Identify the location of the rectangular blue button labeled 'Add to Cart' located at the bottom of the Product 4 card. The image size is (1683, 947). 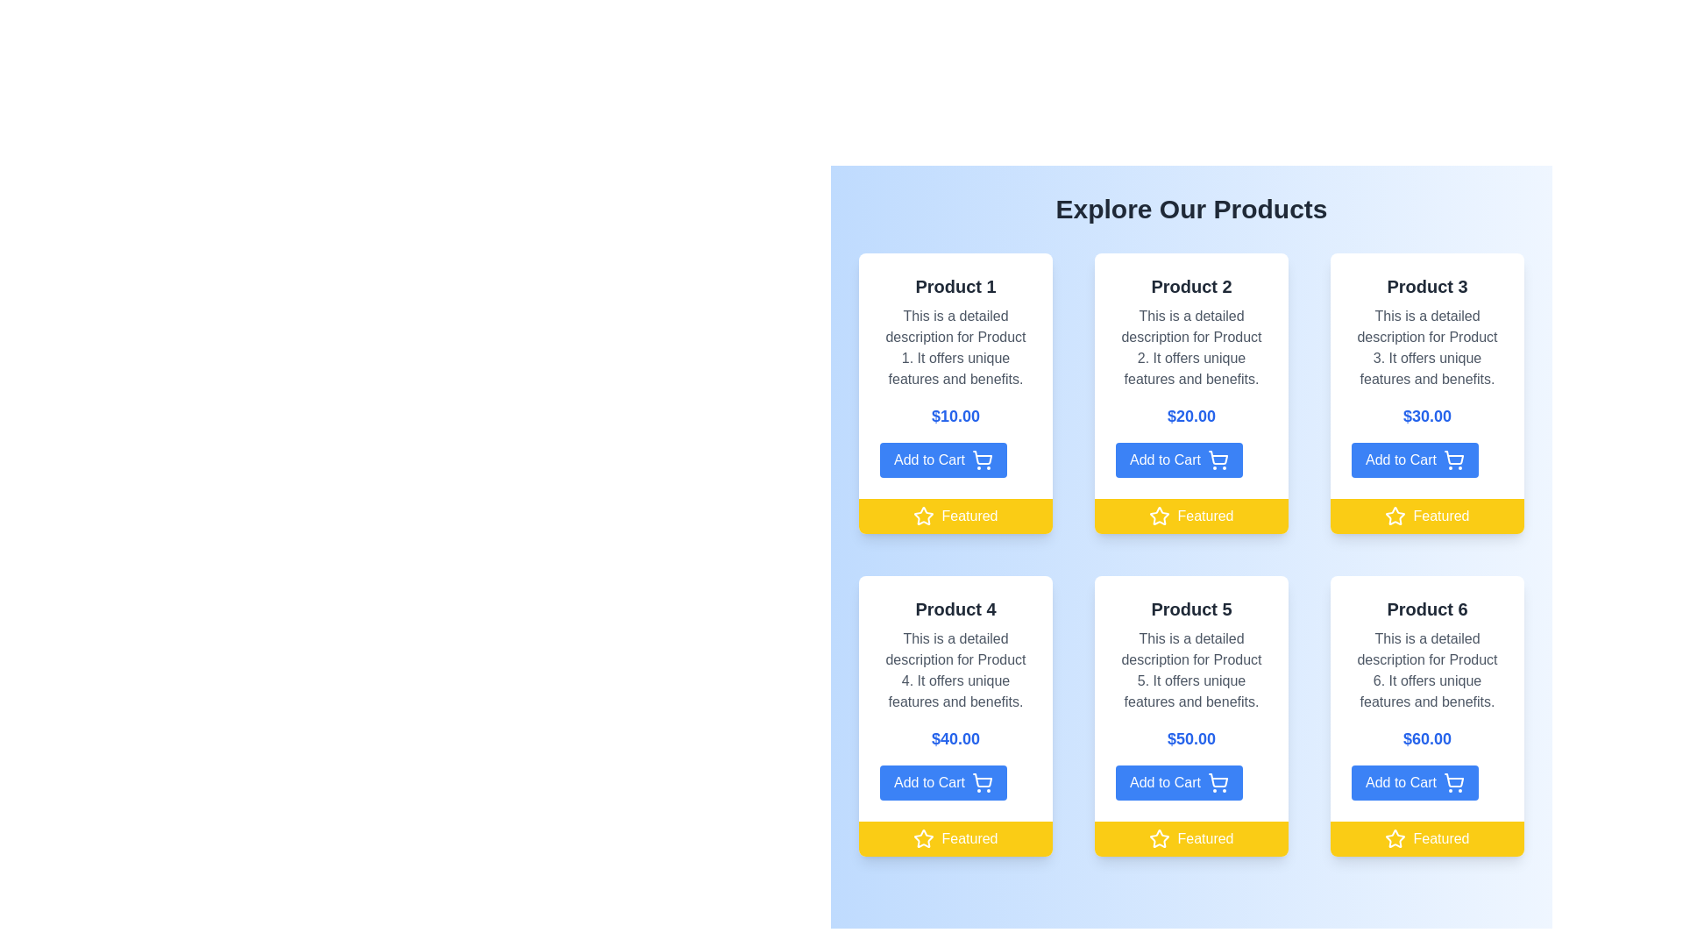
(942, 782).